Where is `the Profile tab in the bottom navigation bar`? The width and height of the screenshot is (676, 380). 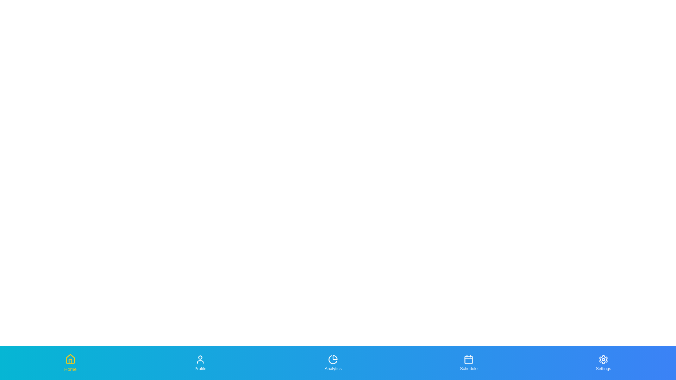 the Profile tab in the bottom navigation bar is located at coordinates (200, 363).